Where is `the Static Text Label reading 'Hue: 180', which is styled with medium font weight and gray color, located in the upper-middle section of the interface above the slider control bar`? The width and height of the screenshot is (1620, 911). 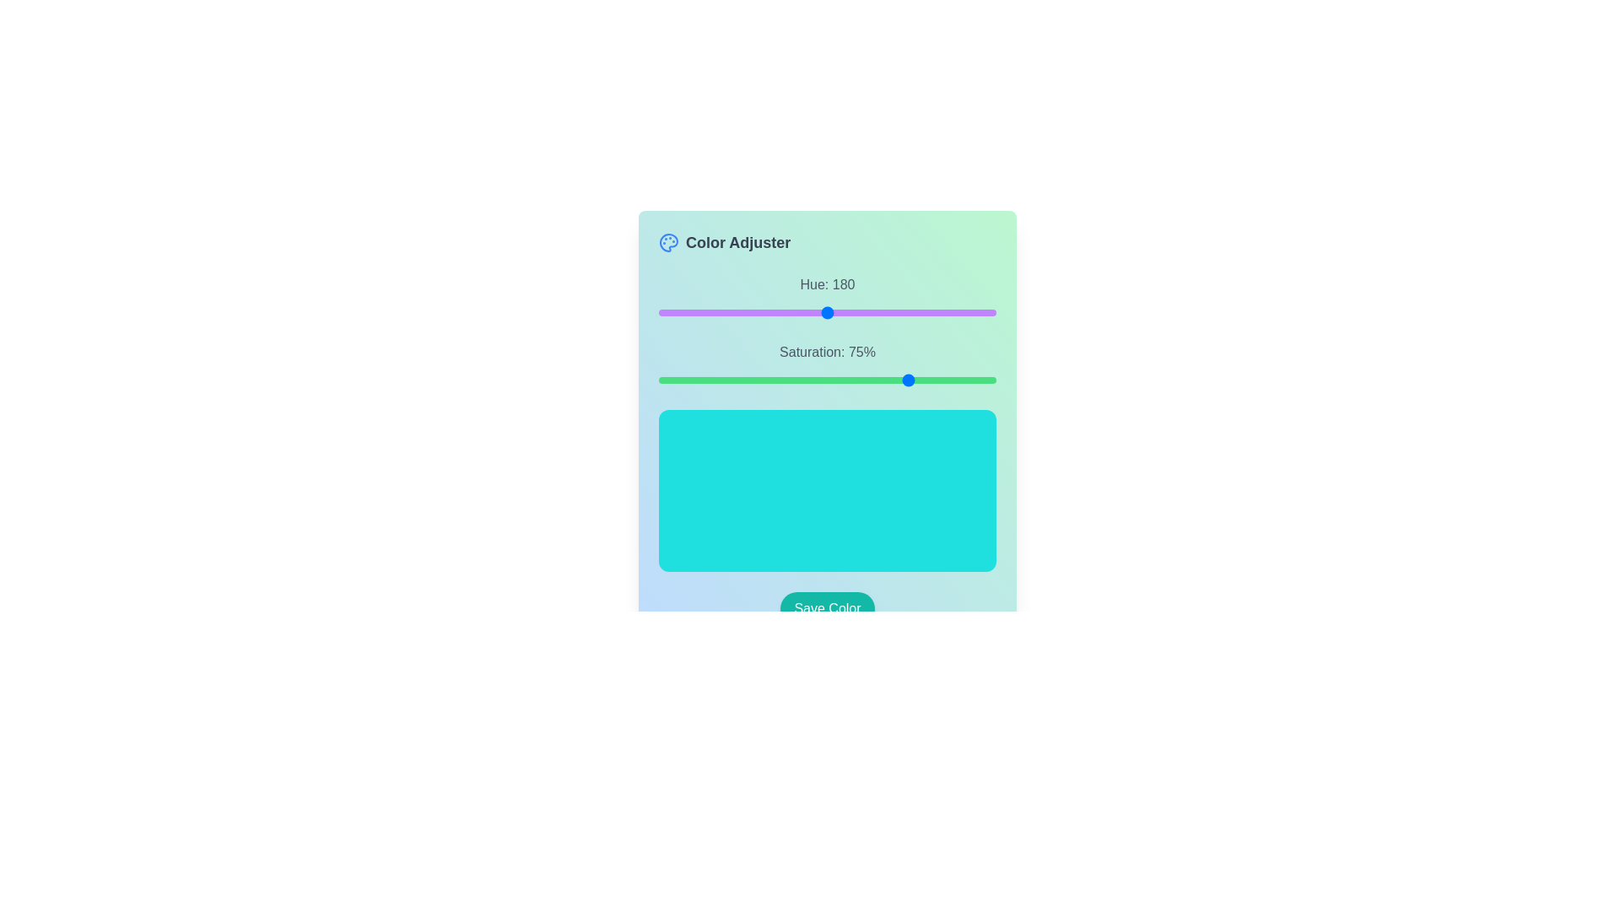 the Static Text Label reading 'Hue: 180', which is styled with medium font weight and gray color, located in the upper-middle section of the interface above the slider control bar is located at coordinates (827, 284).